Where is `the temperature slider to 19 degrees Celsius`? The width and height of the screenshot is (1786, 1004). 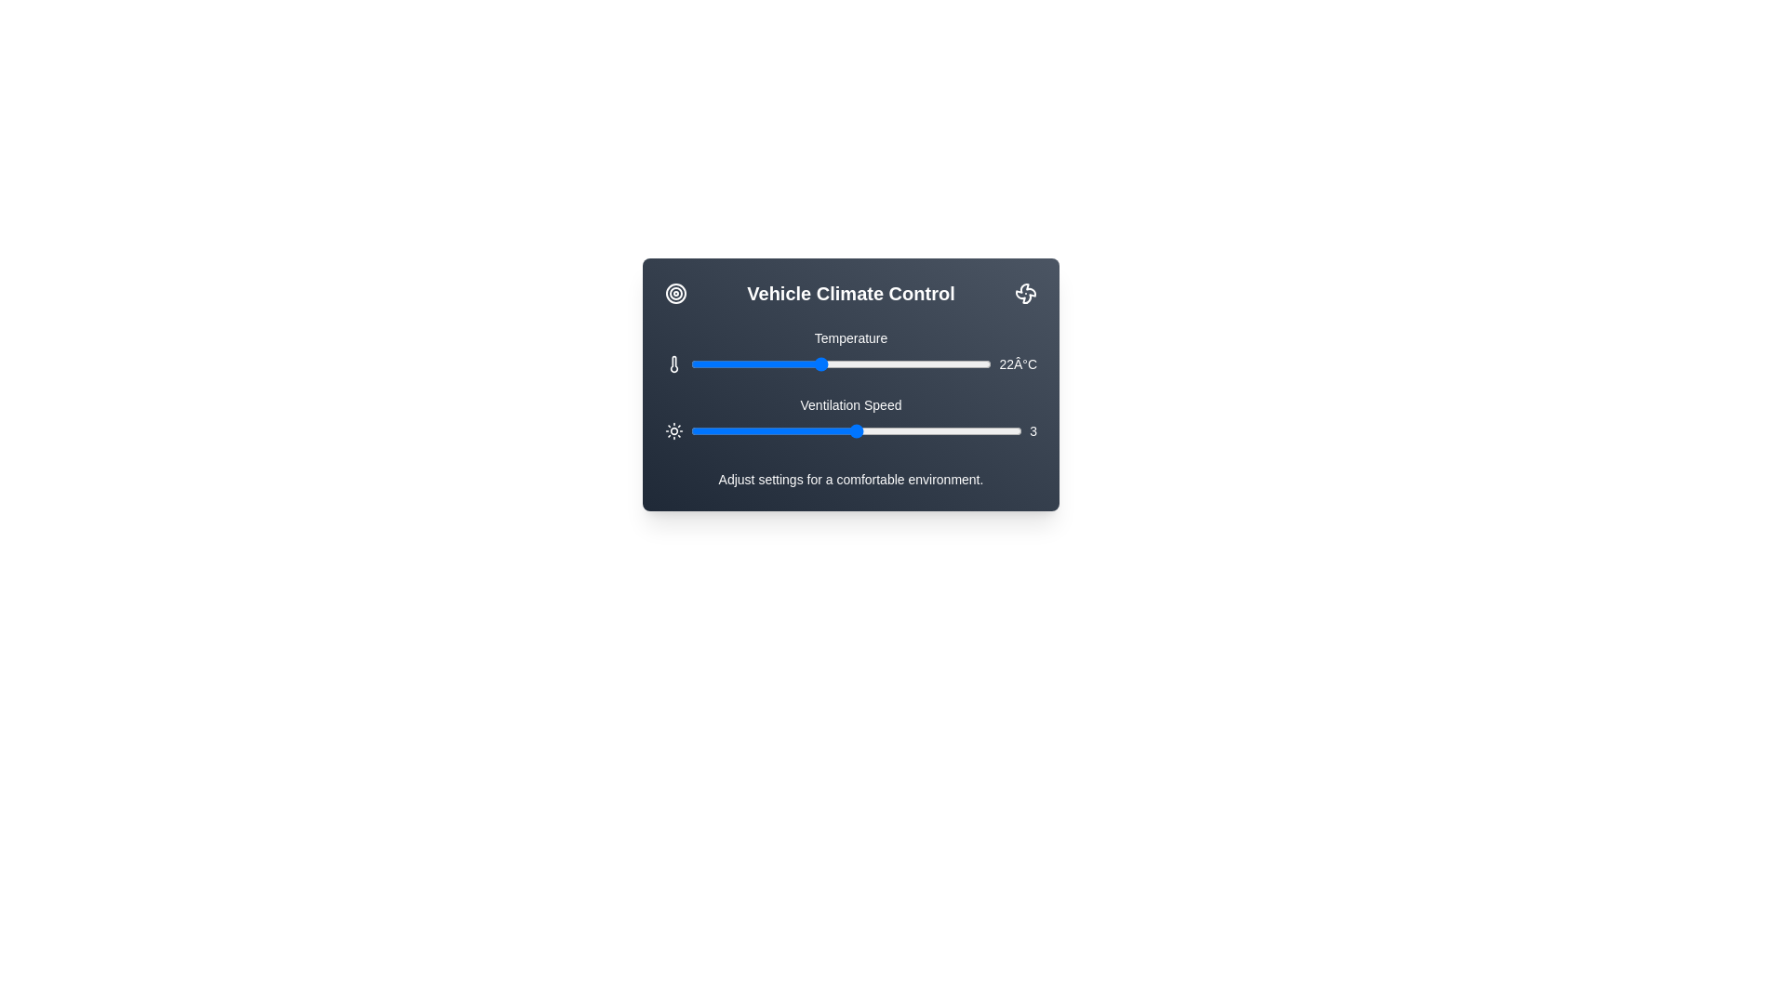
the temperature slider to 19 degrees Celsius is located at coordinates (755, 364).